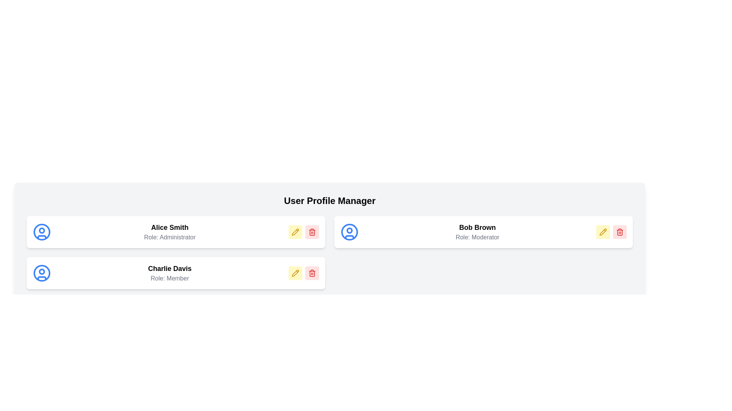 This screenshot has width=732, height=411. I want to click on the red circular delete button with a white trash can icon located on the rightmost side of the layout group under the user profile box for 'Charlie Davis', so click(312, 272).